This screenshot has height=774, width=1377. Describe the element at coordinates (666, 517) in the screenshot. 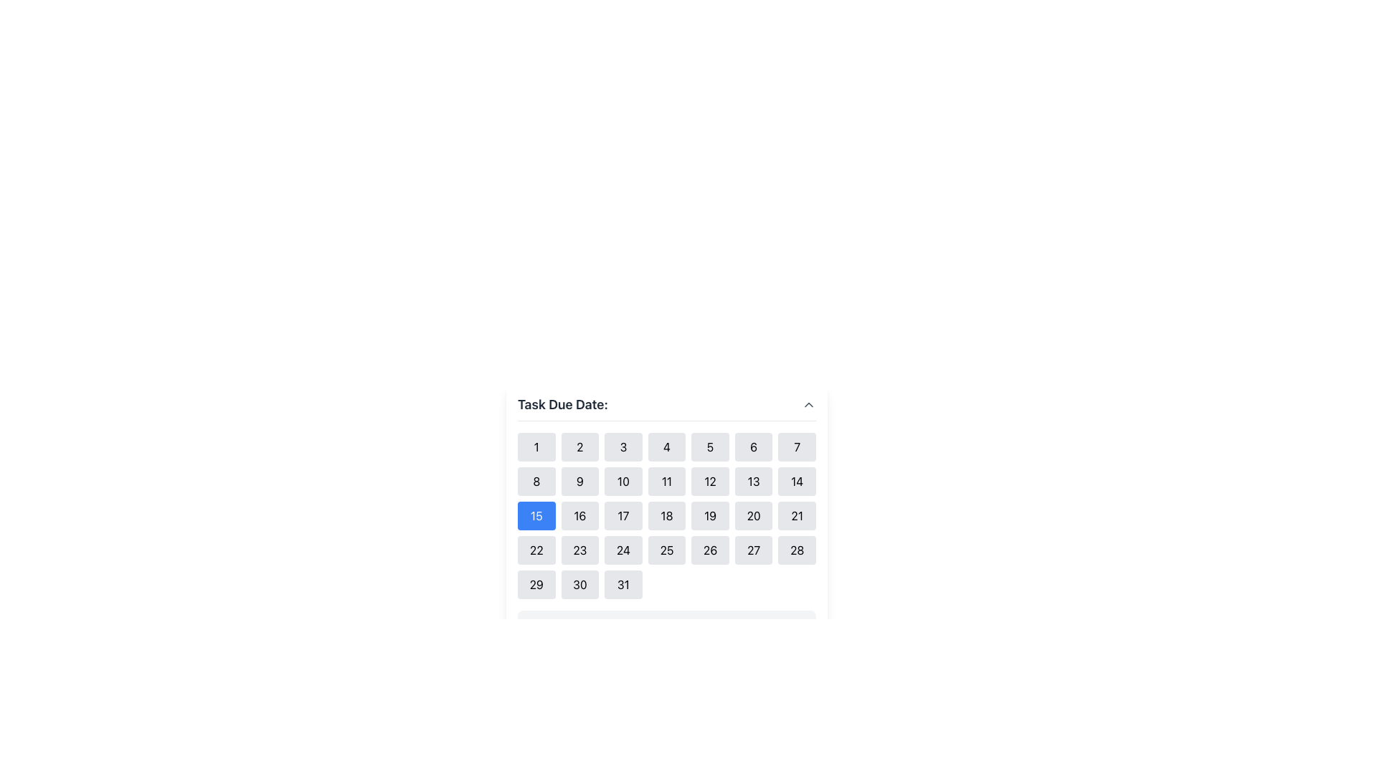

I see `the date selection button for the 18th within the calendar display, located in the third row and fourth column under 'Task Due Date:' in the modal dialogue box` at that location.